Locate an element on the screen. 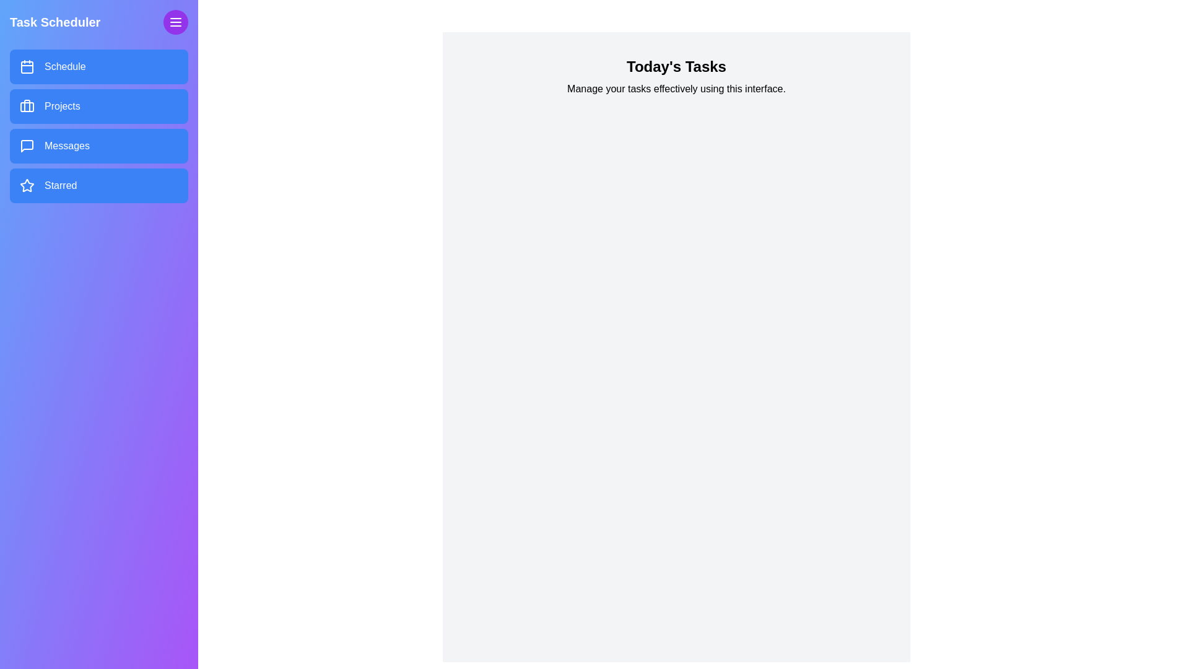 This screenshot has width=1189, height=669. the menu item labeled Schedule is located at coordinates (98, 67).